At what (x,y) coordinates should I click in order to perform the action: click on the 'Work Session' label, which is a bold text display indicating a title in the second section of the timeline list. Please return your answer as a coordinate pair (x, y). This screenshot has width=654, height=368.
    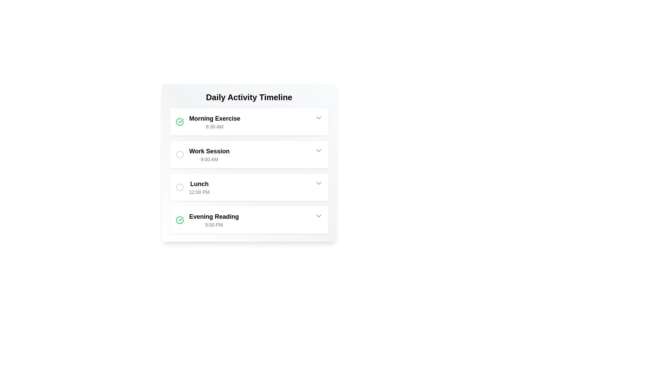
    Looking at the image, I should click on (209, 151).